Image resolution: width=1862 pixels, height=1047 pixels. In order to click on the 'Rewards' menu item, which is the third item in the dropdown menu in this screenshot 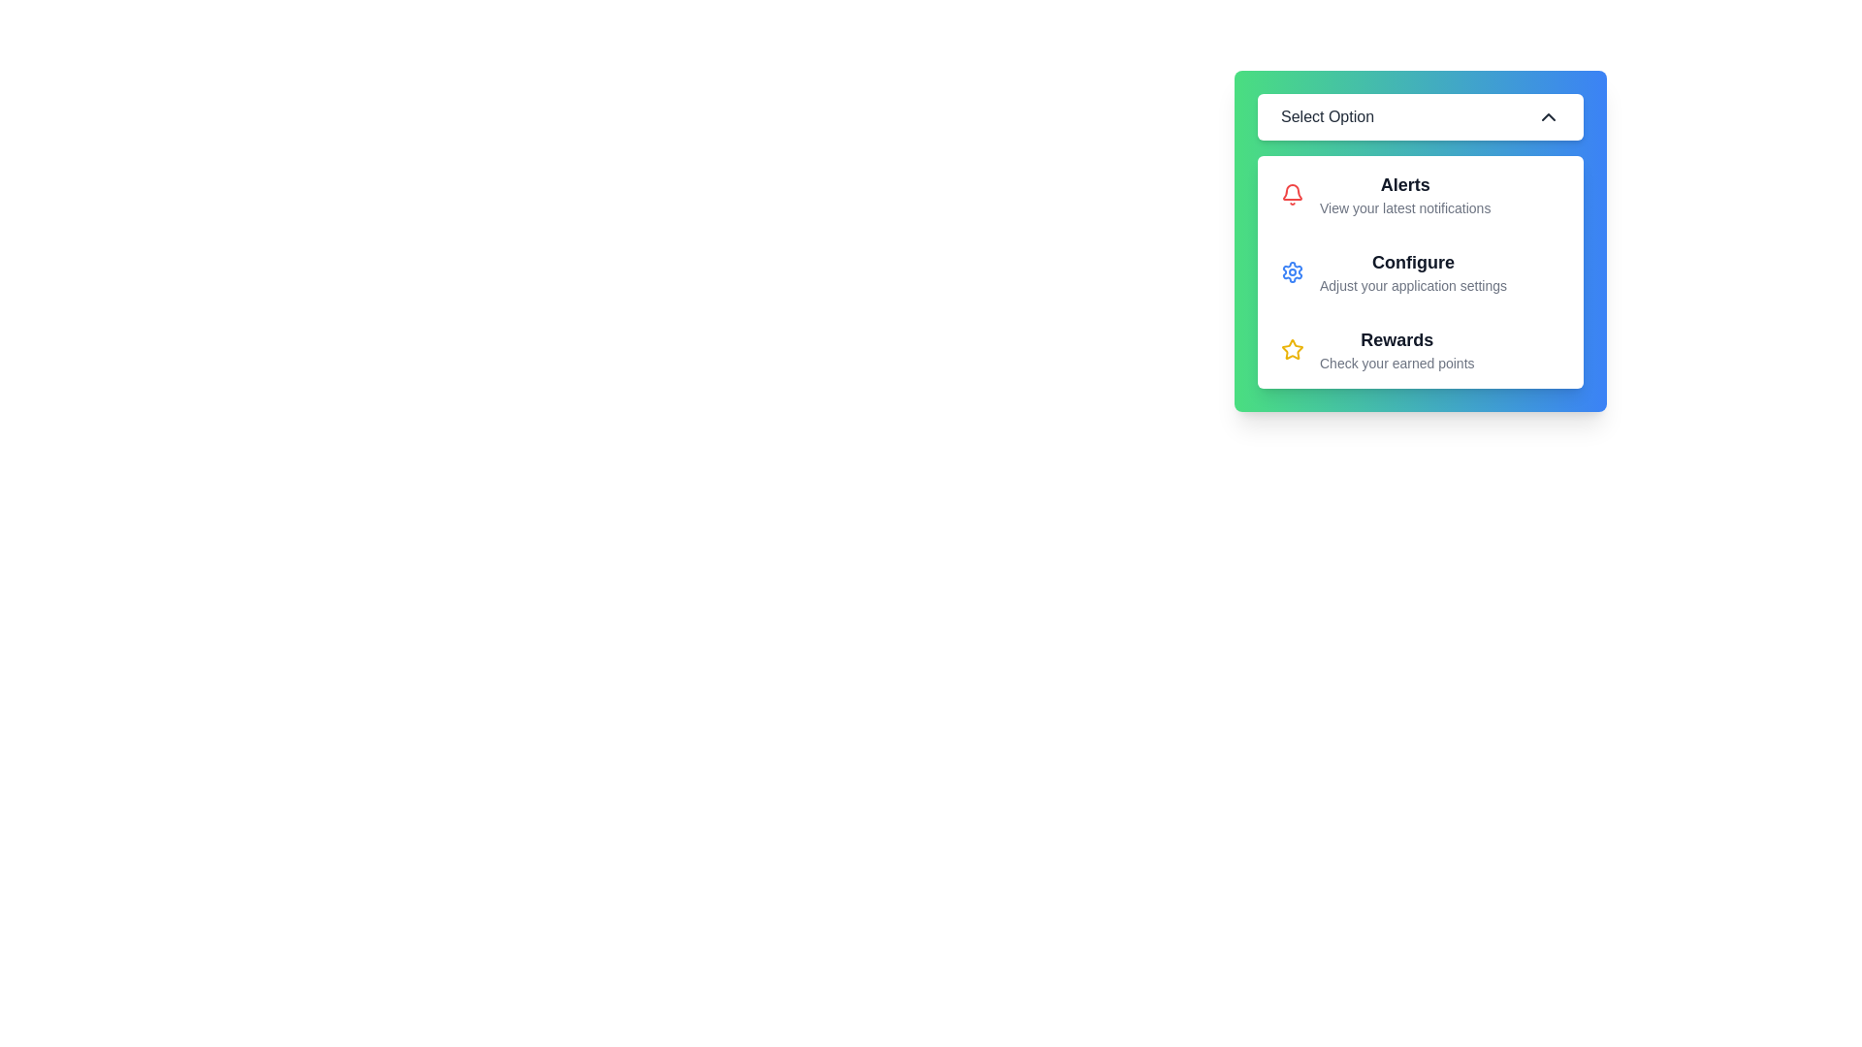, I will do `click(1420, 350)`.